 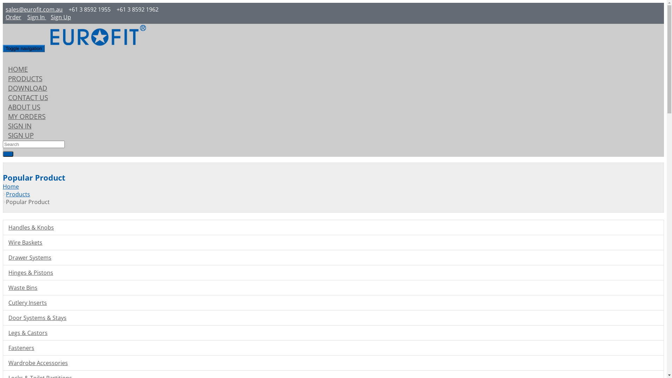 What do you see at coordinates (27, 116) in the screenshot?
I see `'MY ORDERS'` at bounding box center [27, 116].